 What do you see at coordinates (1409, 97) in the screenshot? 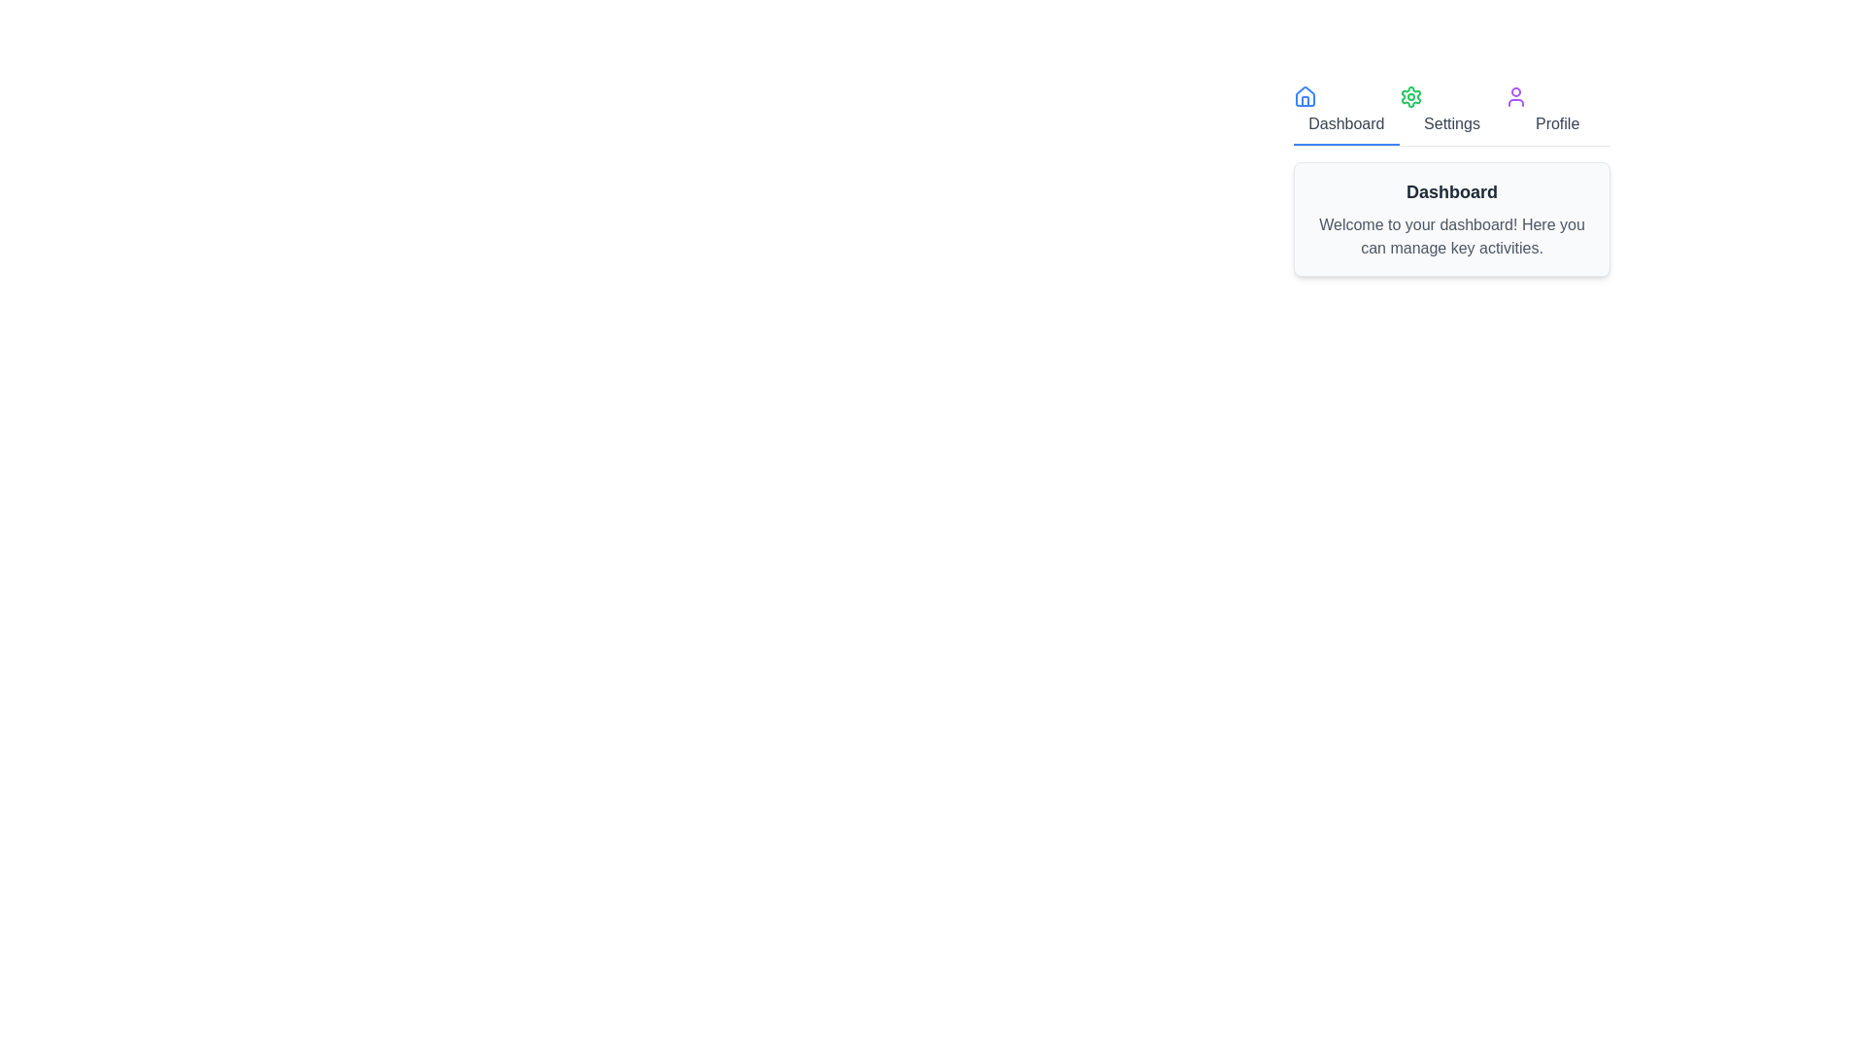
I see `the icon of the Settings tab to see visual feedback` at bounding box center [1409, 97].